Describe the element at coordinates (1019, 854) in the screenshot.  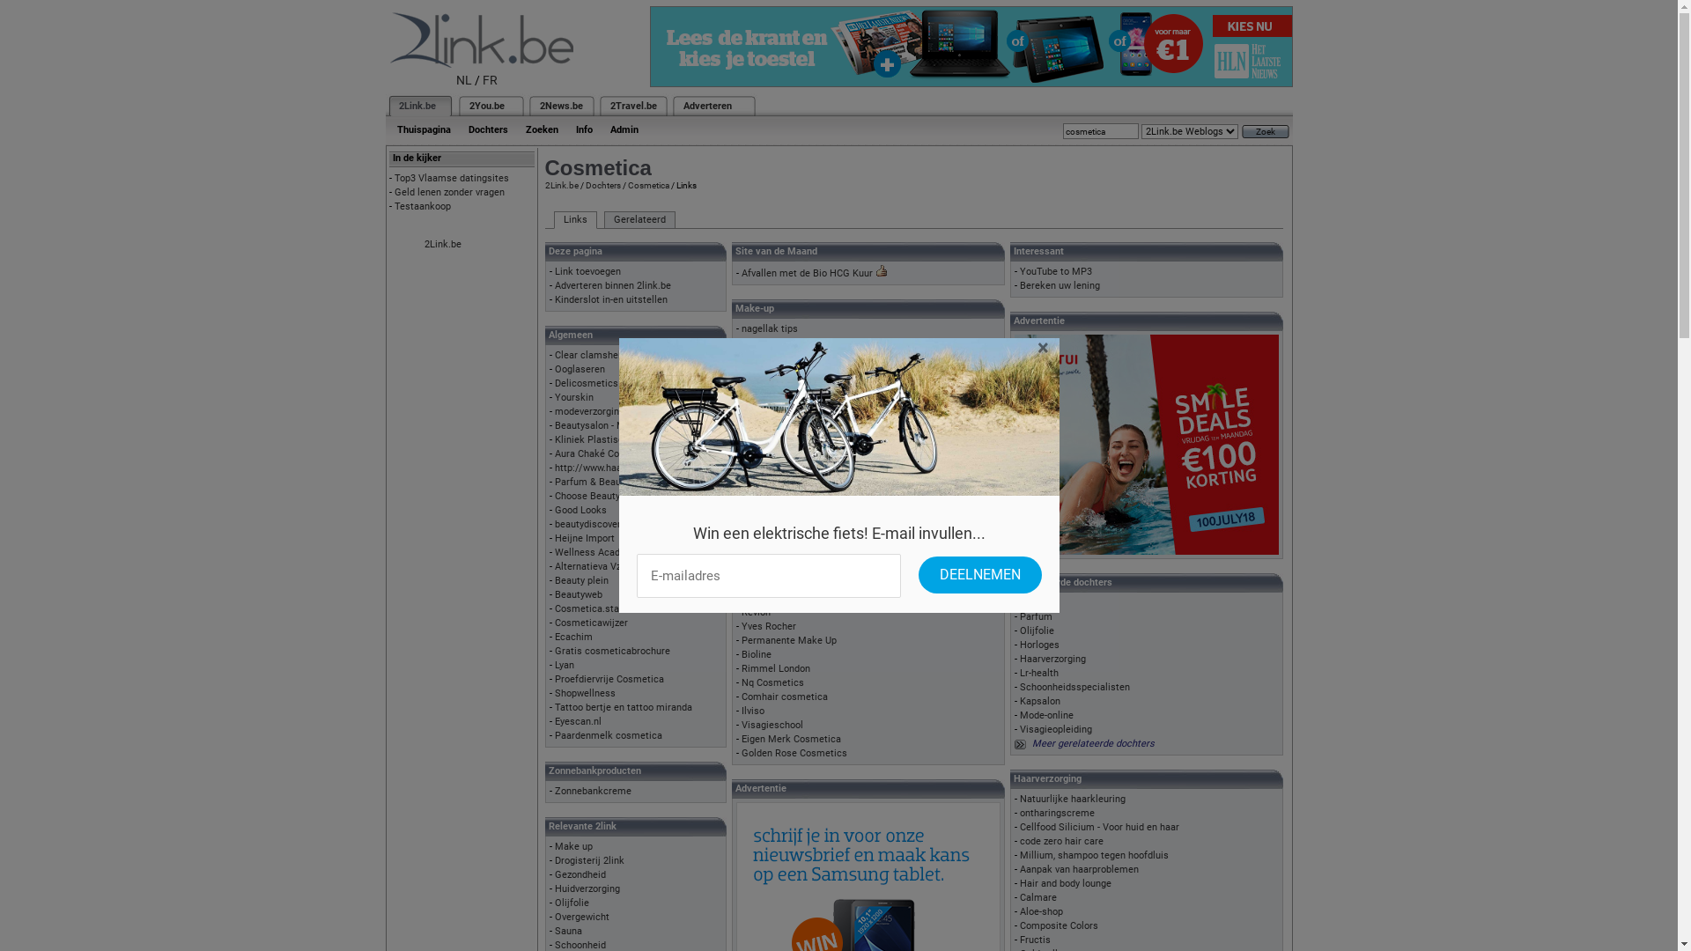
I see `'Millium, shampoo tegen hoofdluis'` at that location.